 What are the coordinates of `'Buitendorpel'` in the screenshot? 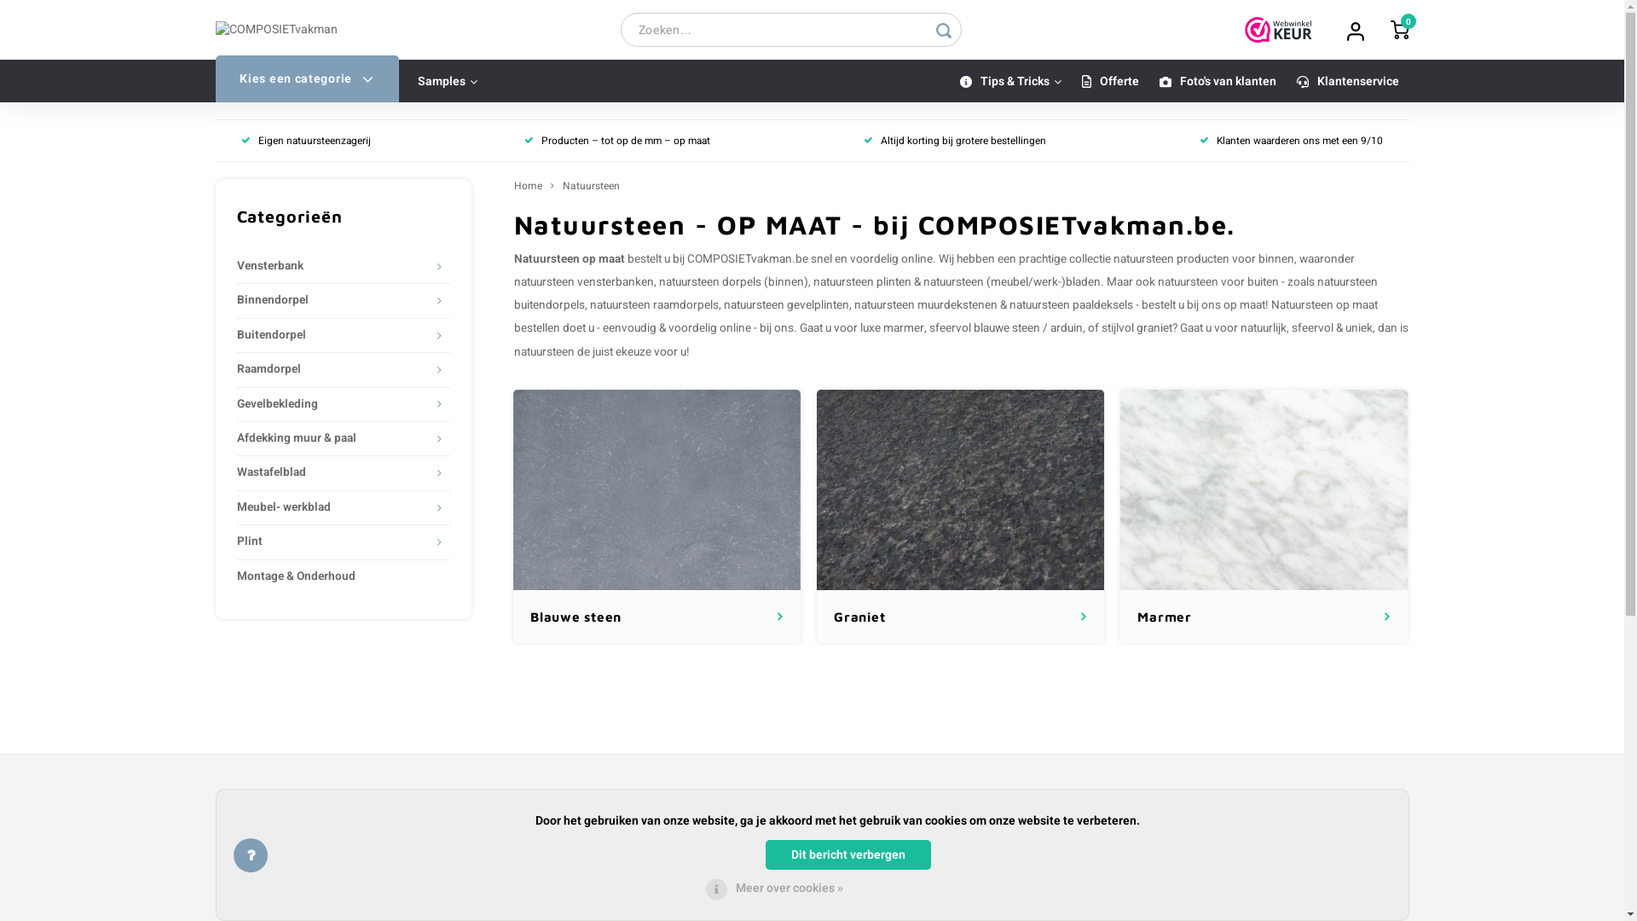 It's located at (236, 335).